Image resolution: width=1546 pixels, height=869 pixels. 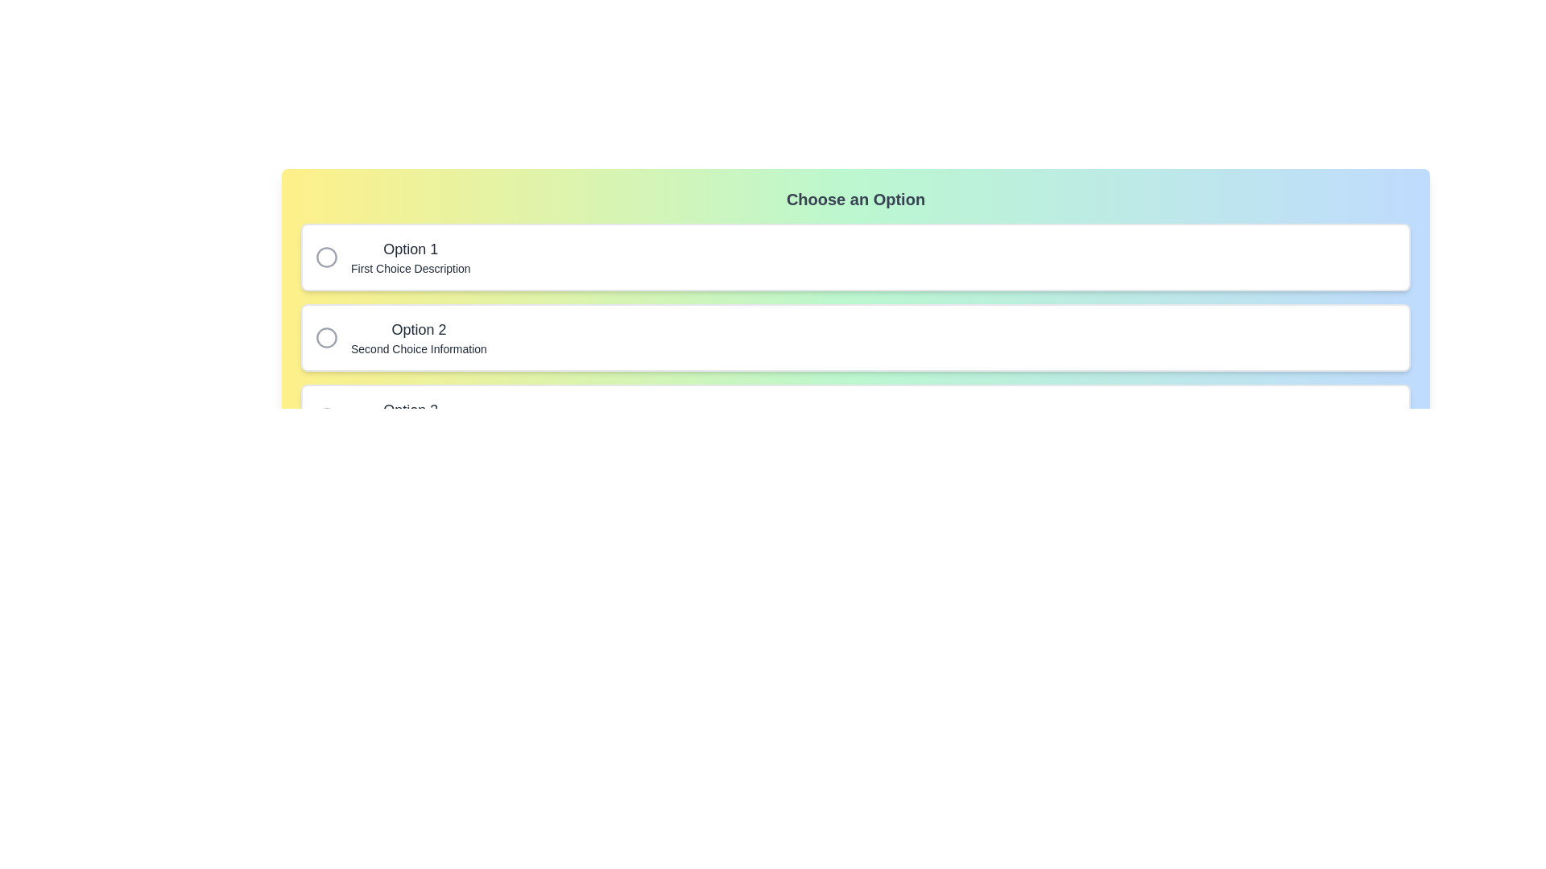 What do you see at coordinates (326, 337) in the screenshot?
I see `the radio button indicator for 'Option 2'` at bounding box center [326, 337].